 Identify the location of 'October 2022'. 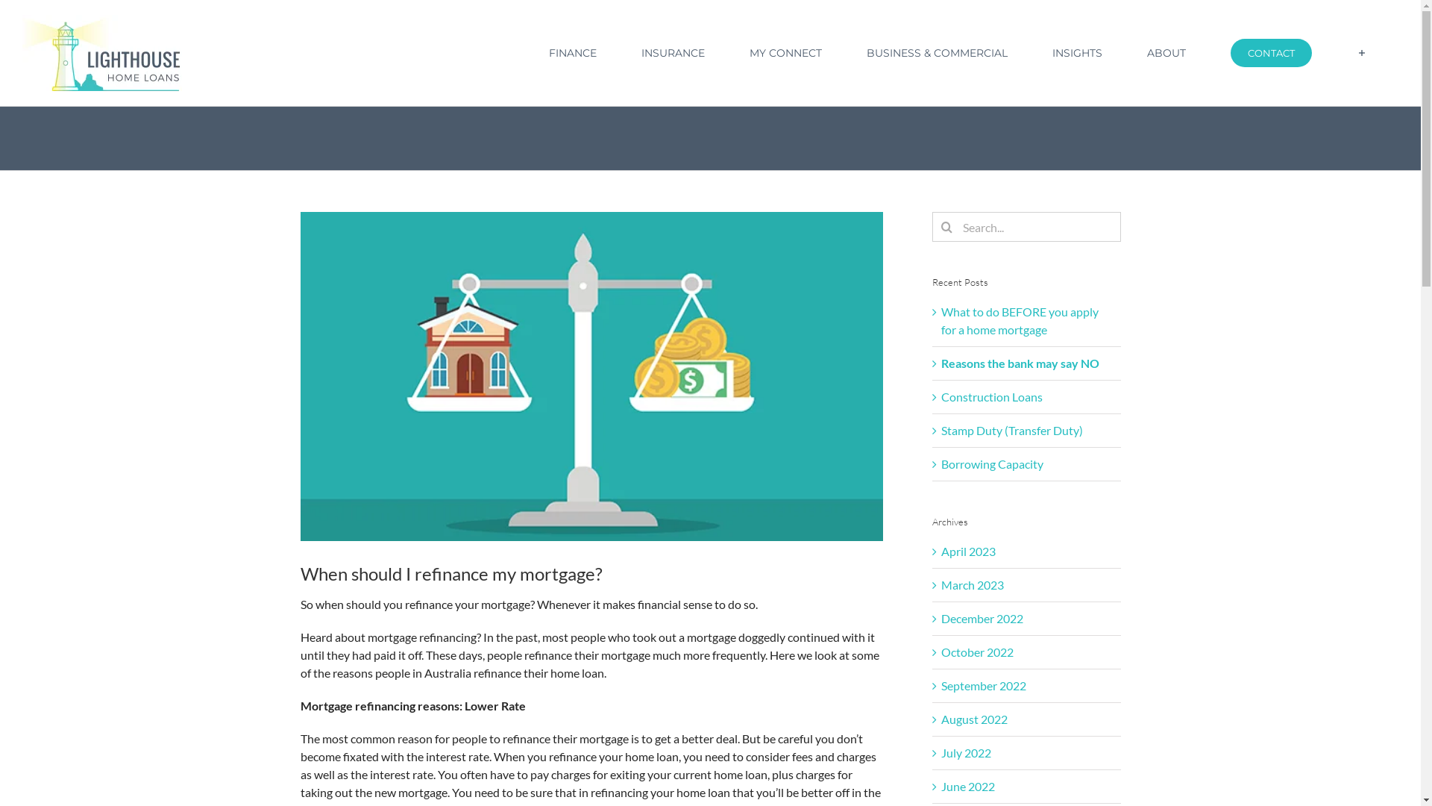
(977, 651).